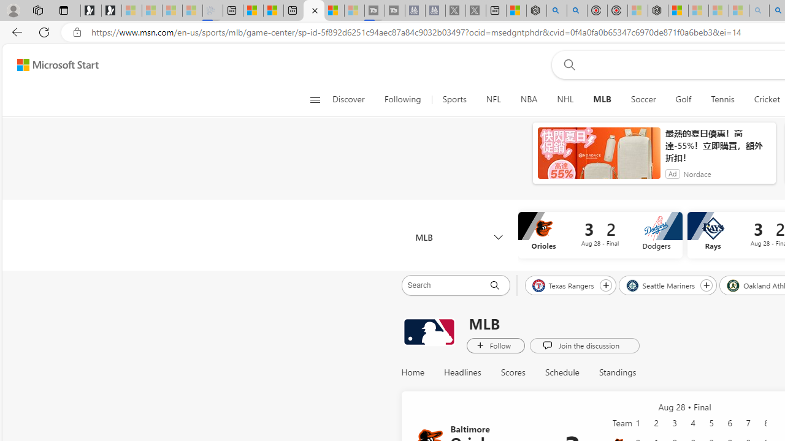  What do you see at coordinates (722, 99) in the screenshot?
I see `'Tennis'` at bounding box center [722, 99].